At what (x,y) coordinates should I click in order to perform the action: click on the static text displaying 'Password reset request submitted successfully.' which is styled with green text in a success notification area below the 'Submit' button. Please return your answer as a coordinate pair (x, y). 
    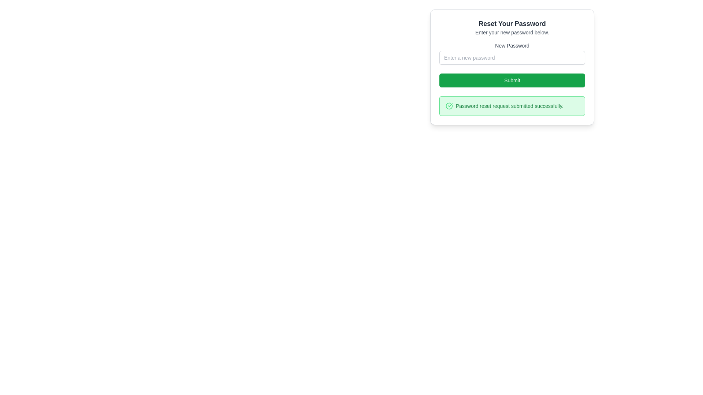
    Looking at the image, I should click on (509, 106).